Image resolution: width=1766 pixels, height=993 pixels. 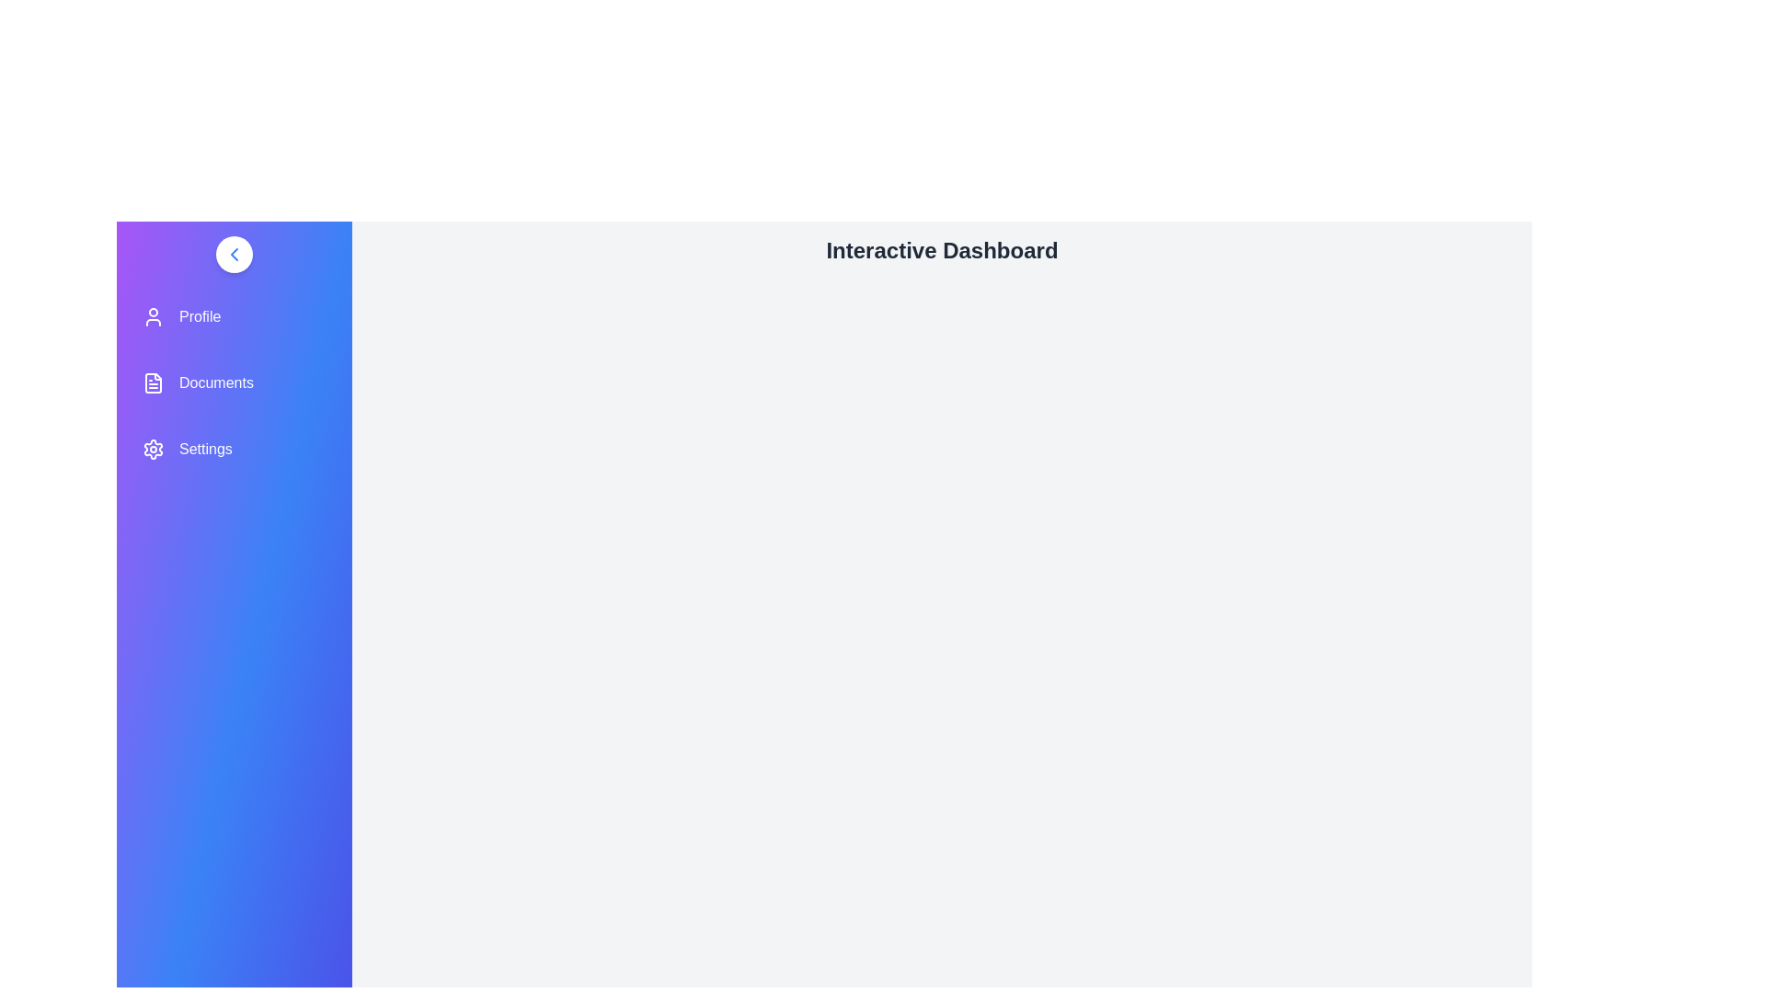 I want to click on the menu item Documents to navigate, so click(x=233, y=382).